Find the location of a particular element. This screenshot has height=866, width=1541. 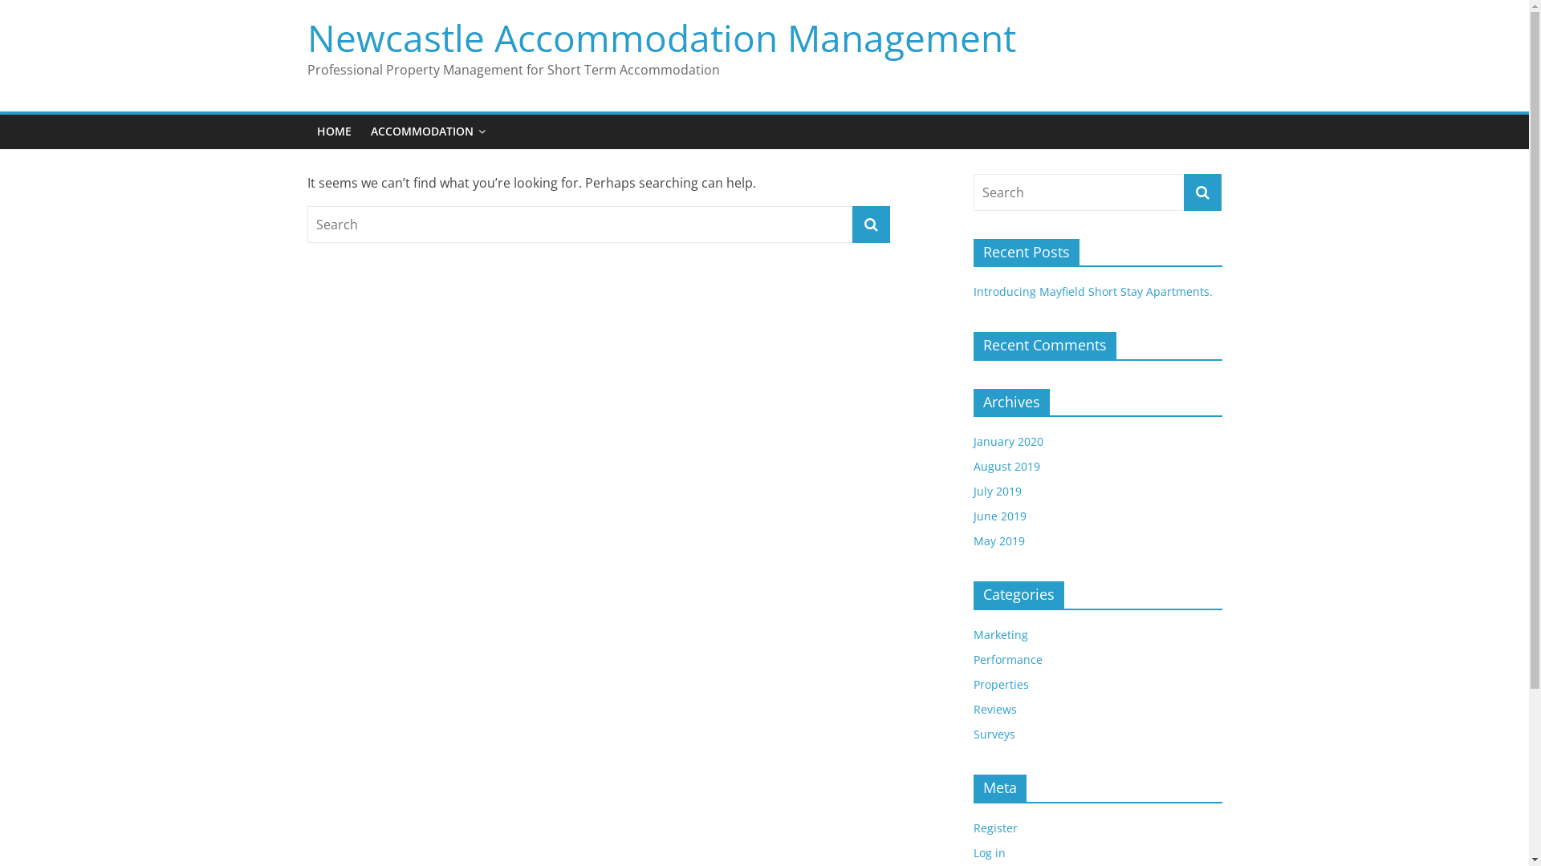

'ACCOMMODATION' is located at coordinates (428, 131).